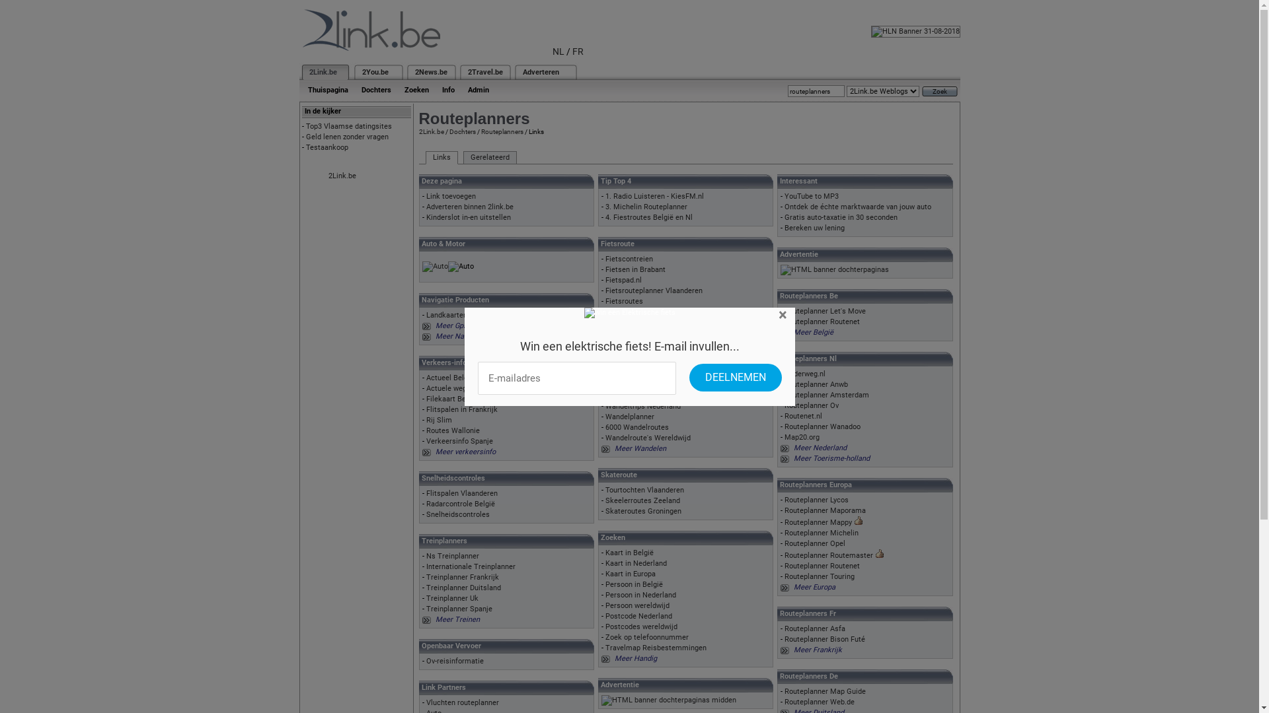  Describe the element at coordinates (638, 616) in the screenshot. I see `'Postcode Nederland'` at that location.